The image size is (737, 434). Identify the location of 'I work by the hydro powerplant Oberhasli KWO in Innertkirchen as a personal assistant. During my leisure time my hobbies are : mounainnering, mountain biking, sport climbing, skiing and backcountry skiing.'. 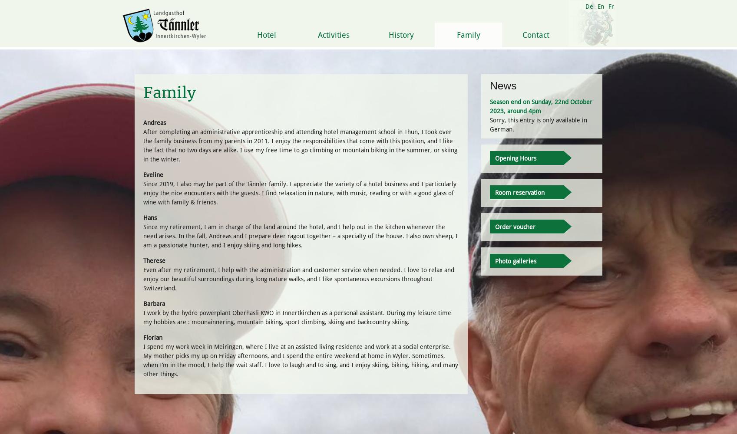
(297, 316).